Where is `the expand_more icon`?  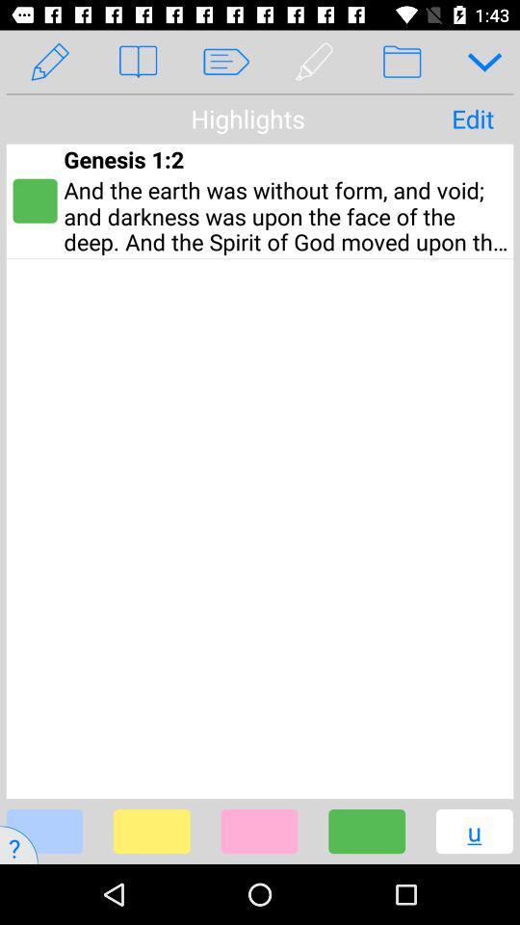 the expand_more icon is located at coordinates (477, 62).